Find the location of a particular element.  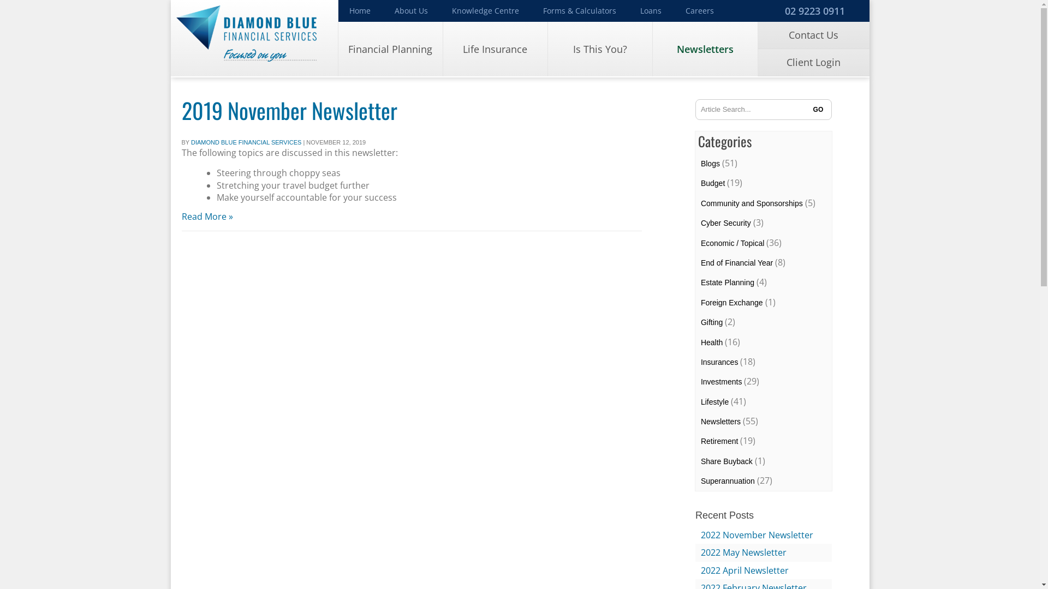

'2022 May Newsletter' is located at coordinates (743, 552).